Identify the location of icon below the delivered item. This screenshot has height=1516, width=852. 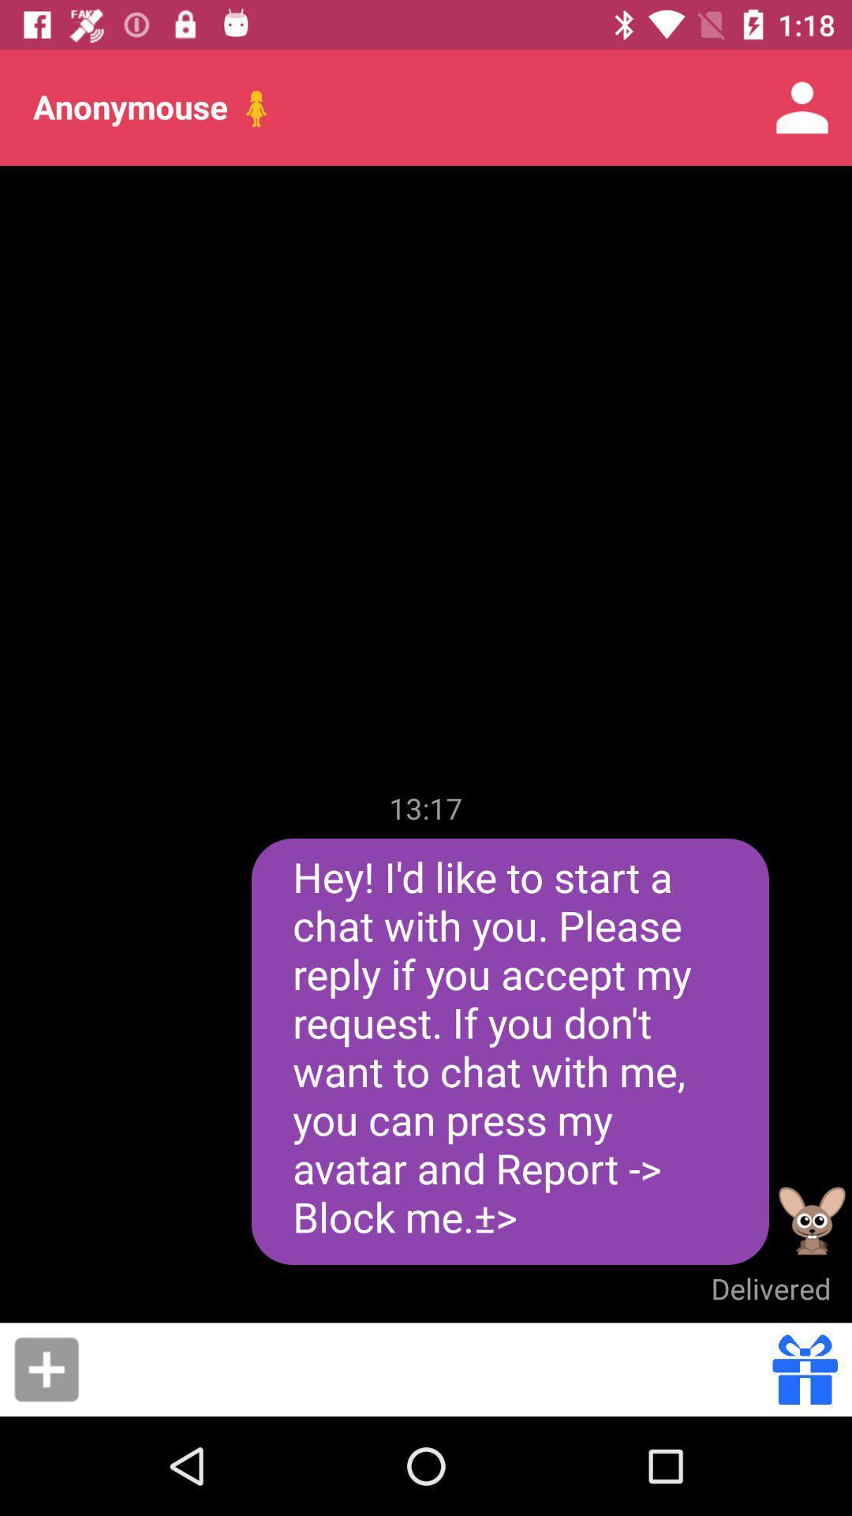
(431, 1368).